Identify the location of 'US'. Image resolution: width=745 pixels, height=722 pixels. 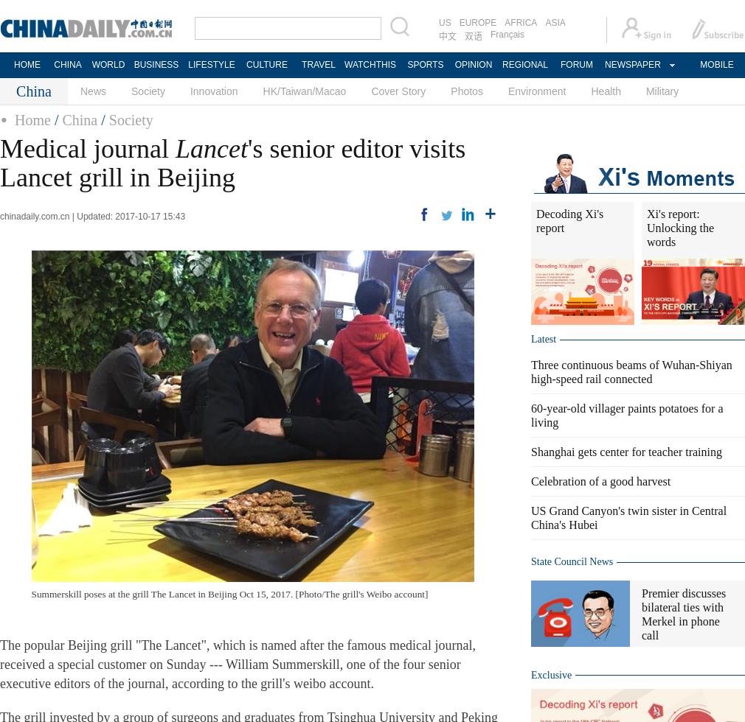
(443, 22).